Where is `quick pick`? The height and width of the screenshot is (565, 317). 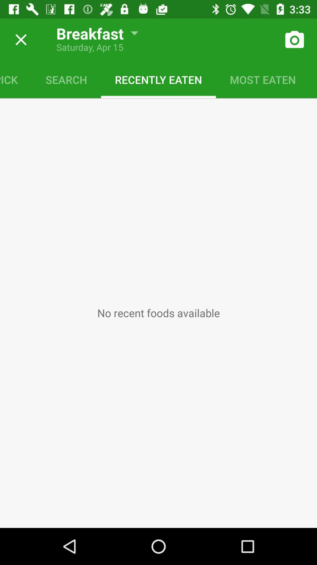 quick pick is located at coordinates (16, 79).